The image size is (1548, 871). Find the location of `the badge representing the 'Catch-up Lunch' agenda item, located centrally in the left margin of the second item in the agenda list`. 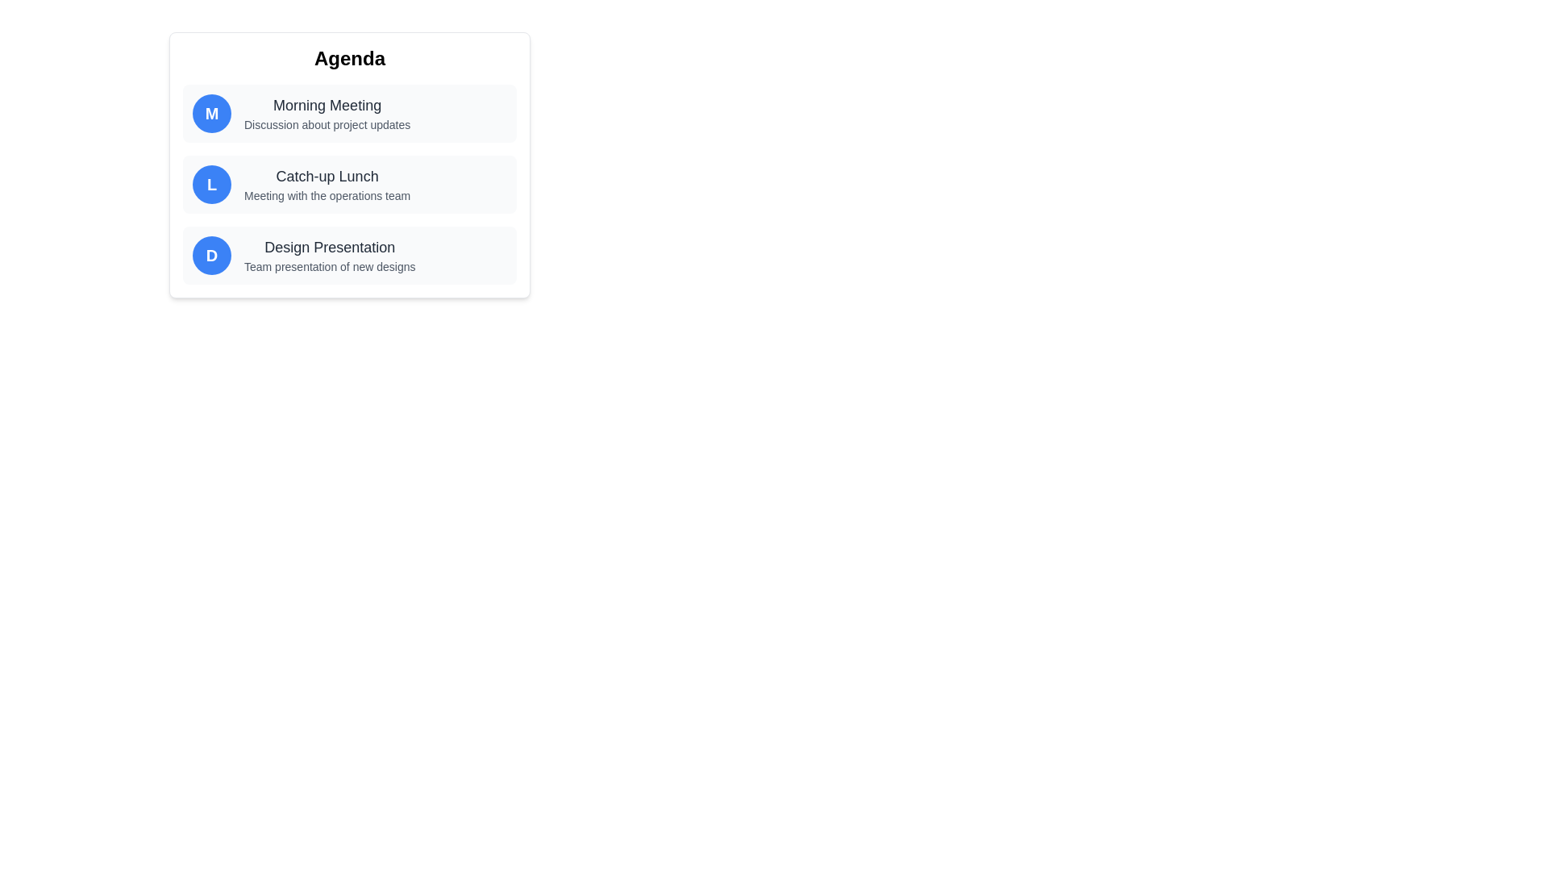

the badge representing the 'Catch-up Lunch' agenda item, located centrally in the left margin of the second item in the agenda list is located at coordinates (211, 183).